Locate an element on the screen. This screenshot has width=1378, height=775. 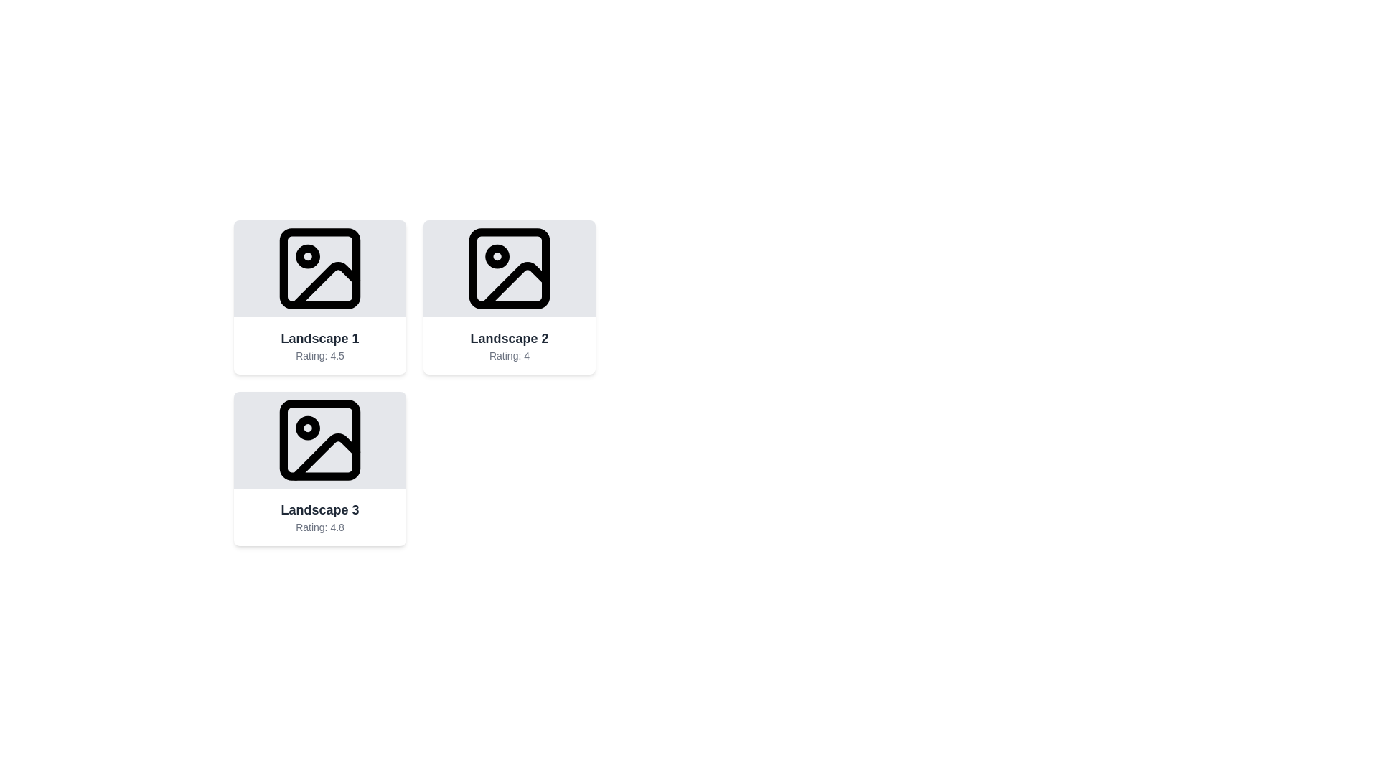
the text label displaying 'Landscape 2', which is styled with a bold, large dark gray font and is positioned above the rating text within the second column of a grid layout is located at coordinates (510, 338).